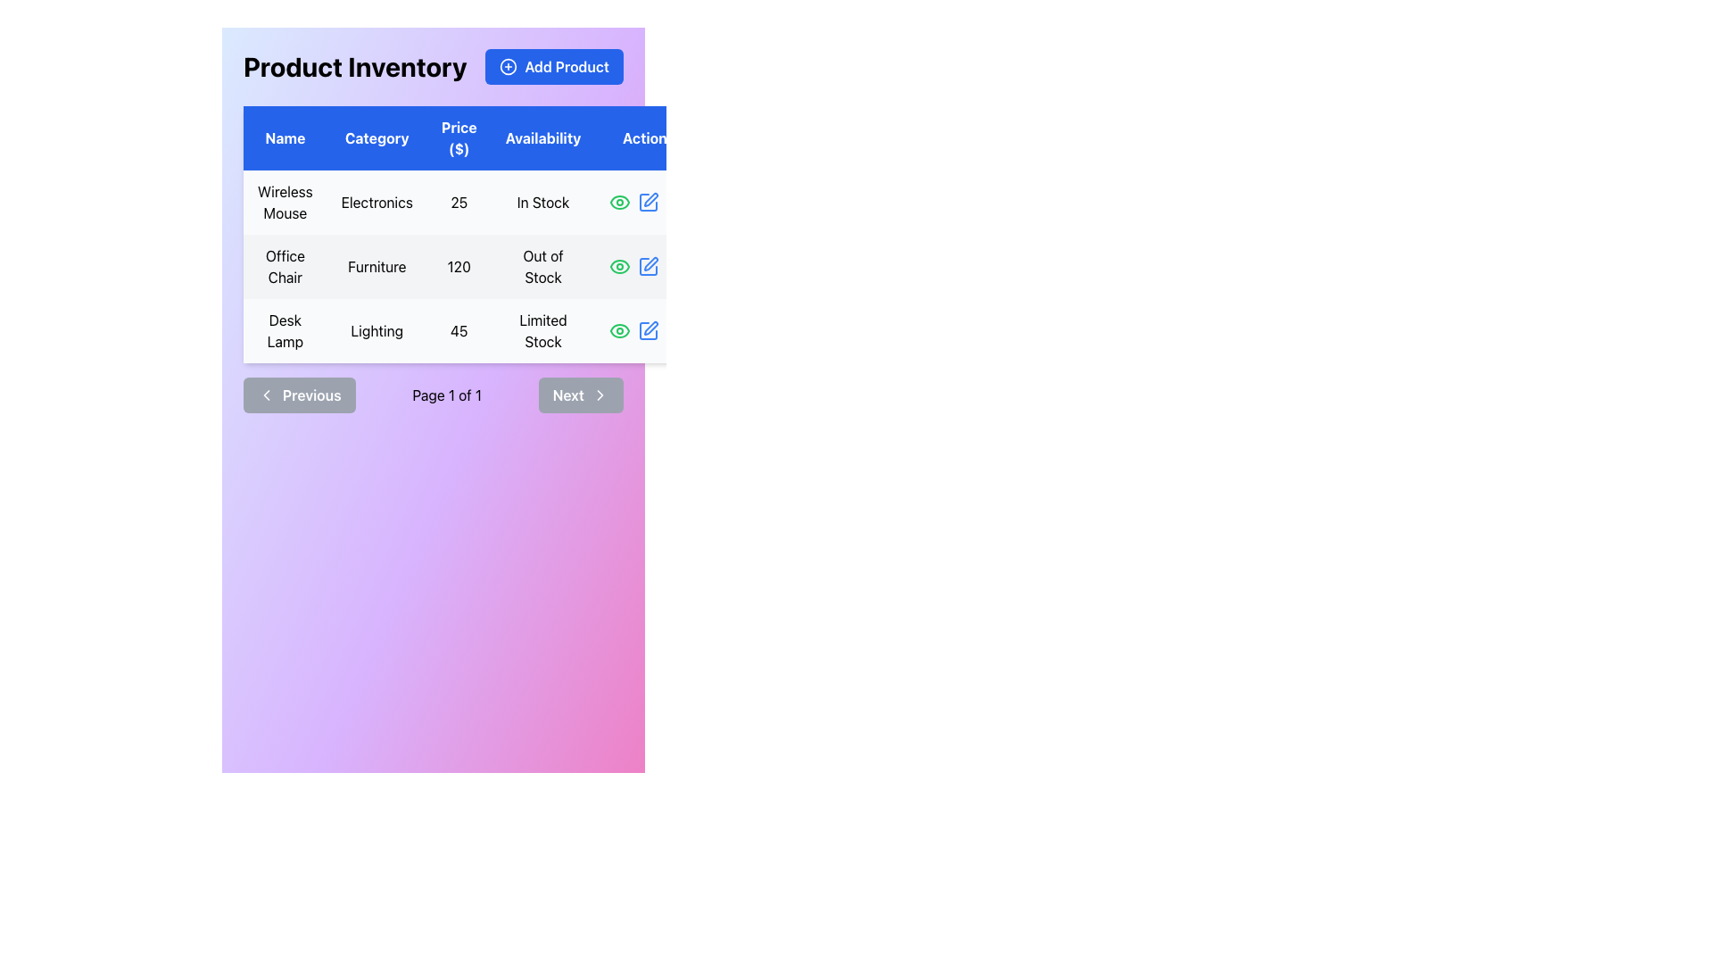 The image size is (1713, 964). I want to click on the static text label displaying 'Page 1 of 1', which is centrally located within the navigation bar between the 'Previous' and 'Next' buttons, so click(447, 395).